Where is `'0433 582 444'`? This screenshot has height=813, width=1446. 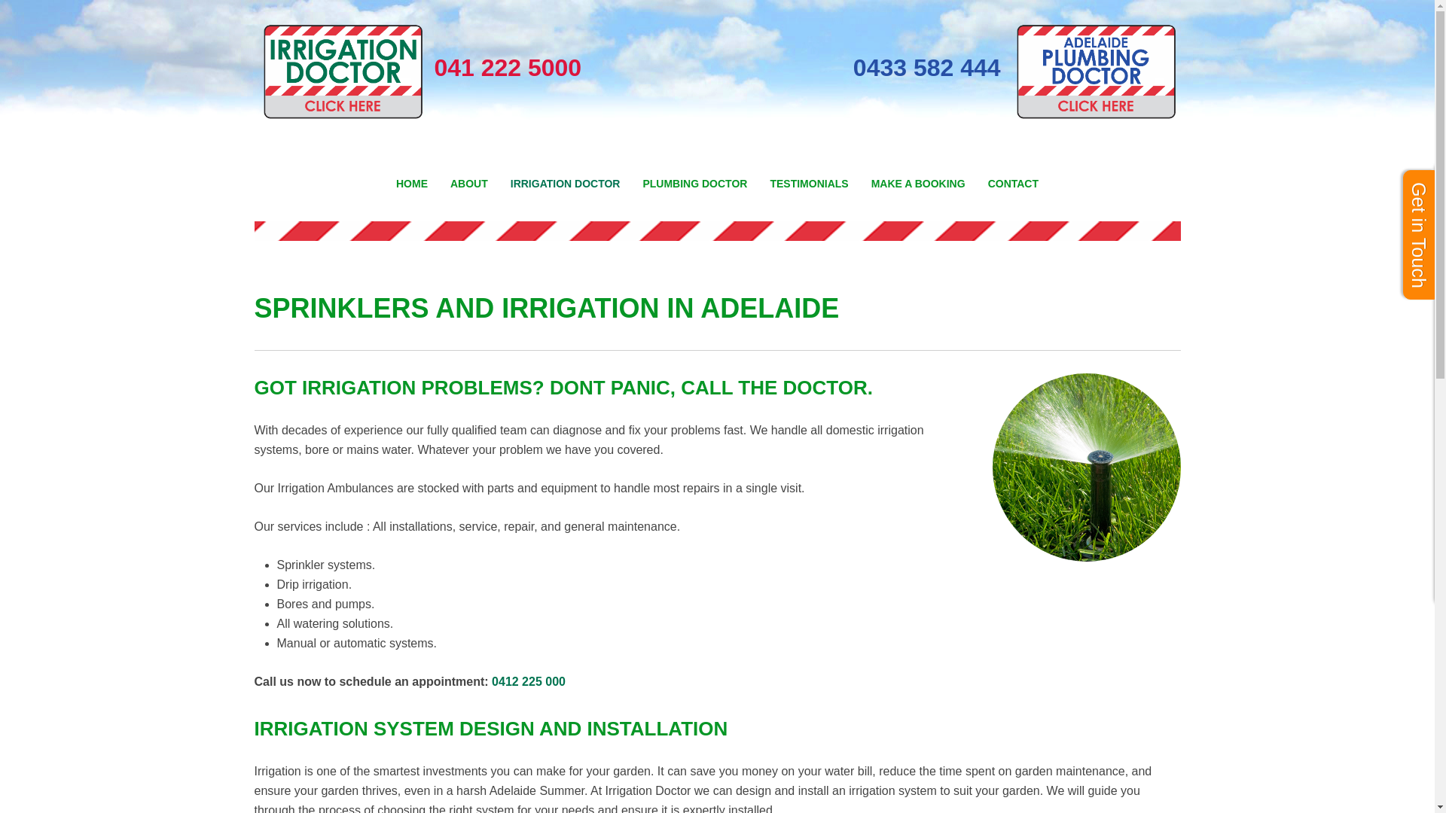
'0433 582 444' is located at coordinates (929, 72).